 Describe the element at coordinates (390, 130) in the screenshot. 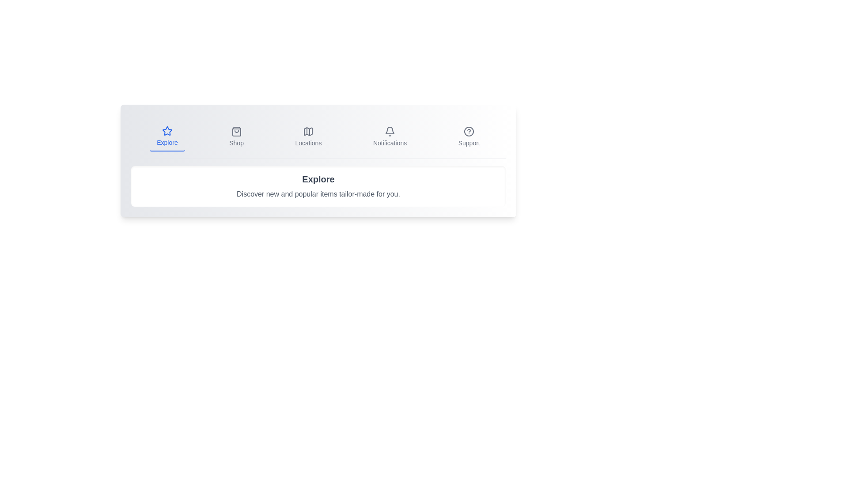

I see `the gray bell-shaped icon in the top menu bar, labeled 'Notifications'` at that location.